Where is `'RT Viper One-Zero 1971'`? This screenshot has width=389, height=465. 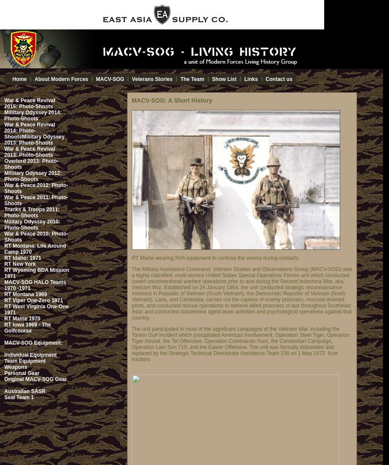
'RT Viper One-Zero 1971' is located at coordinates (33, 300).